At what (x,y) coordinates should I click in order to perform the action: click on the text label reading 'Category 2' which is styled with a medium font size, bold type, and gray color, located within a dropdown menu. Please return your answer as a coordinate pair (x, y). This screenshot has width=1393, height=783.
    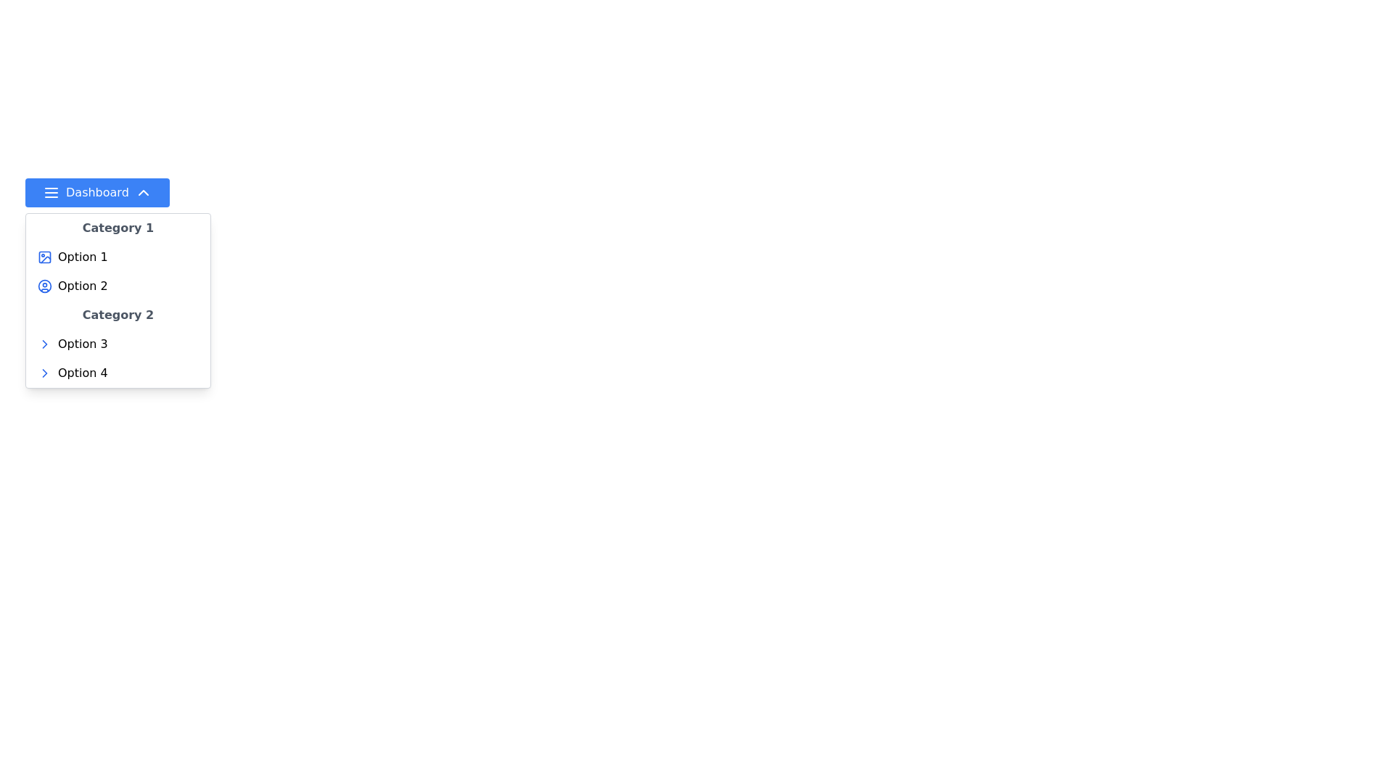
    Looking at the image, I should click on (118, 315).